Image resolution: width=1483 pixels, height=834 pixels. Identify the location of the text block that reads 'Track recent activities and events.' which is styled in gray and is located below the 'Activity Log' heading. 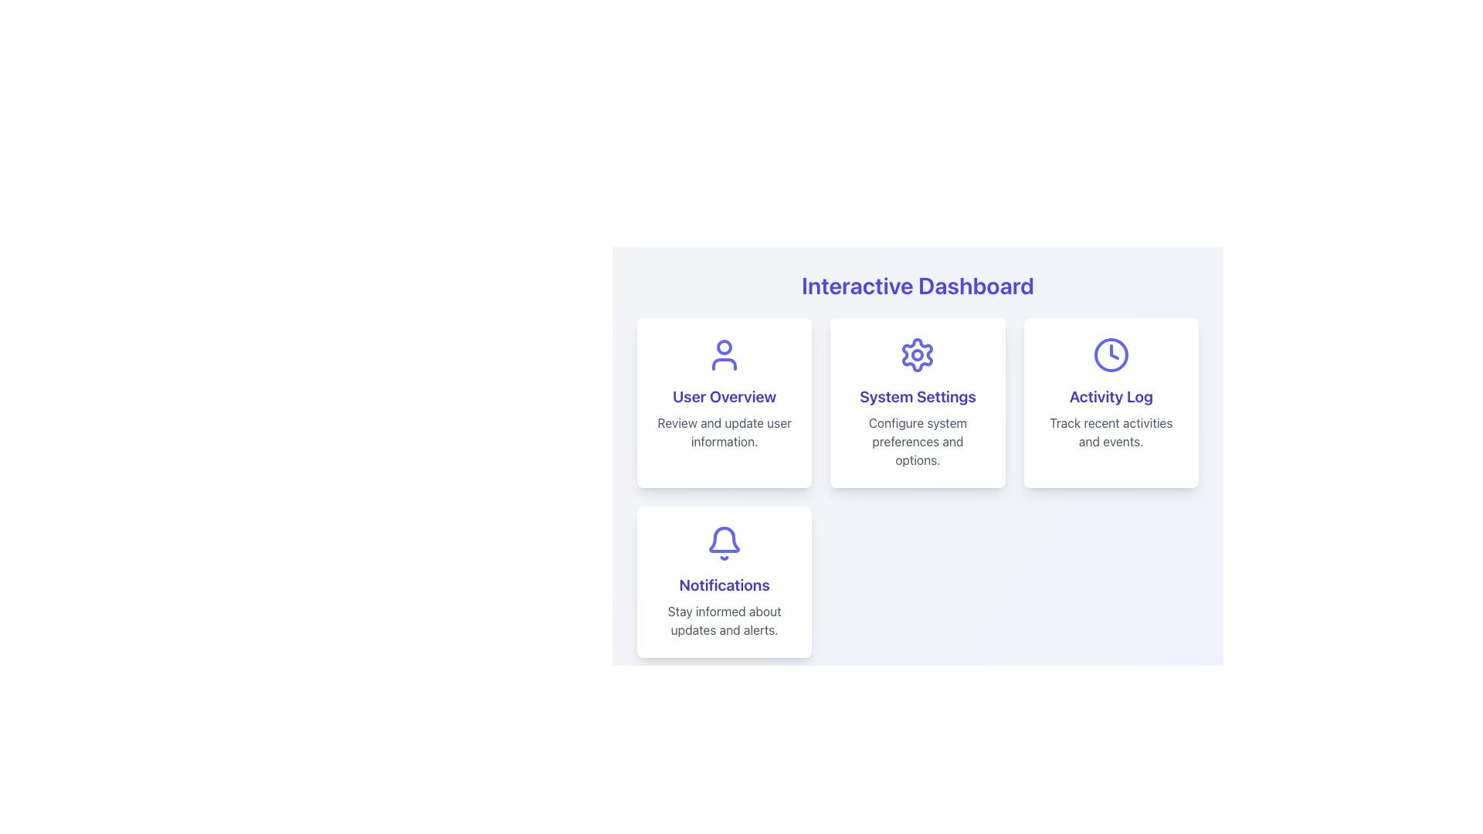
(1110, 432).